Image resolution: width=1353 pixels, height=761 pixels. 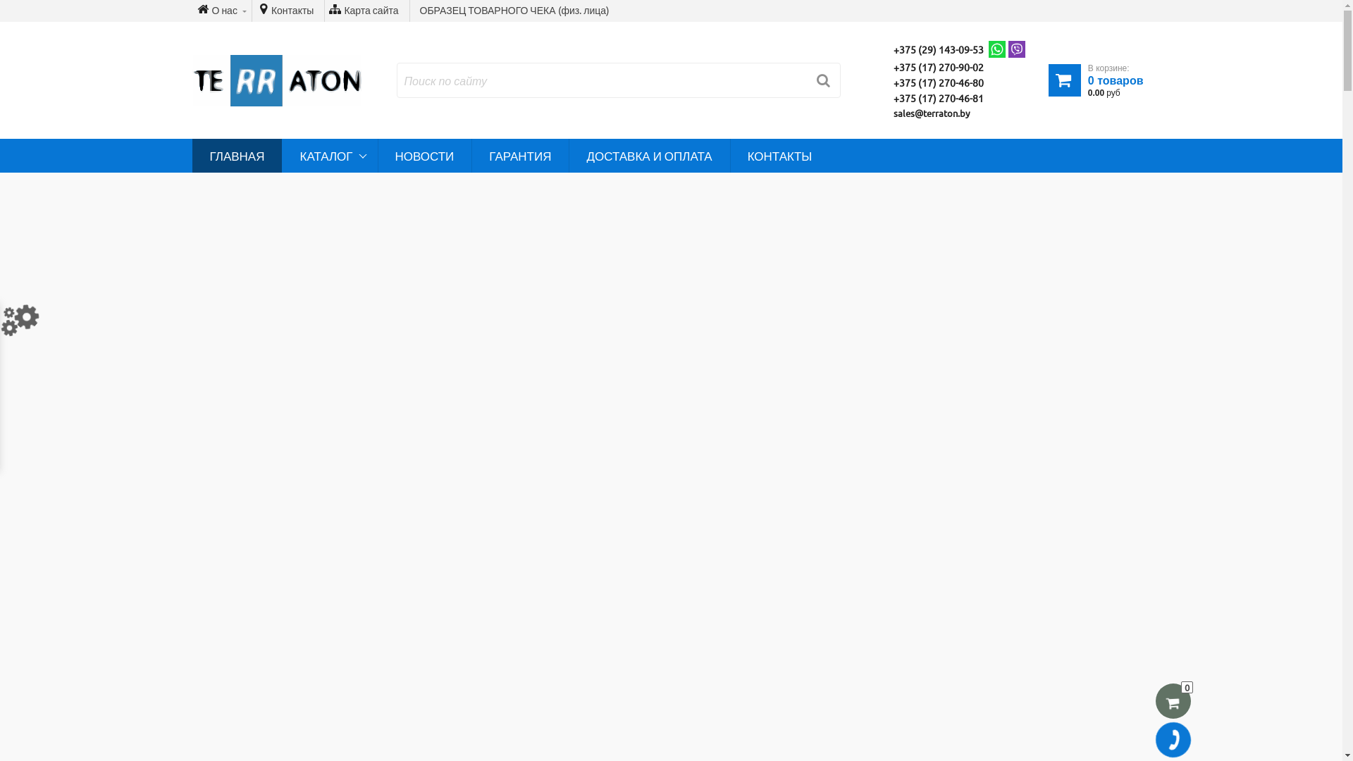 What do you see at coordinates (940, 48) in the screenshot?
I see `'+375 (29) 143-09-53'` at bounding box center [940, 48].